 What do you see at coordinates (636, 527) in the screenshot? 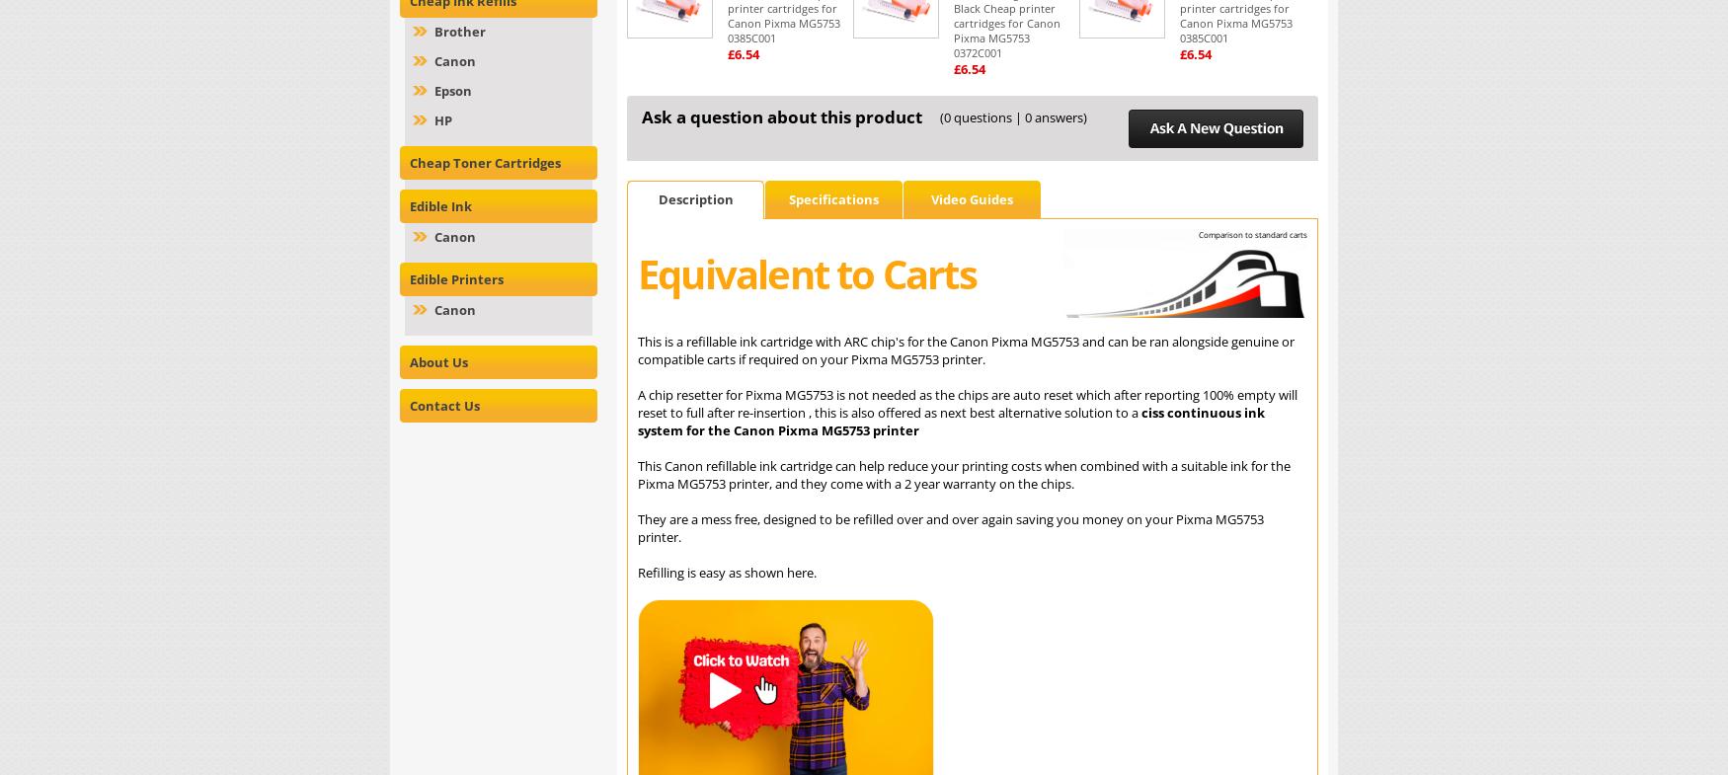
I see `'They are a mess free, designed to be refilled over and over again saving you money on your Pixma MG5753 printer.'` at bounding box center [636, 527].